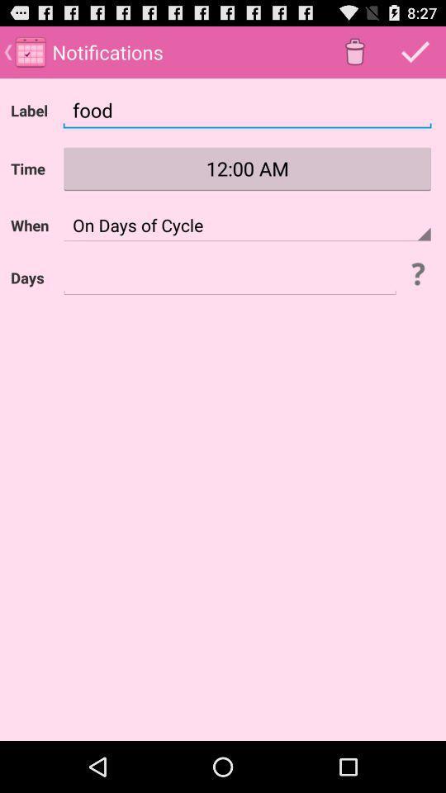 The image size is (446, 793). Describe the element at coordinates (354, 52) in the screenshot. I see `bin icon` at that location.